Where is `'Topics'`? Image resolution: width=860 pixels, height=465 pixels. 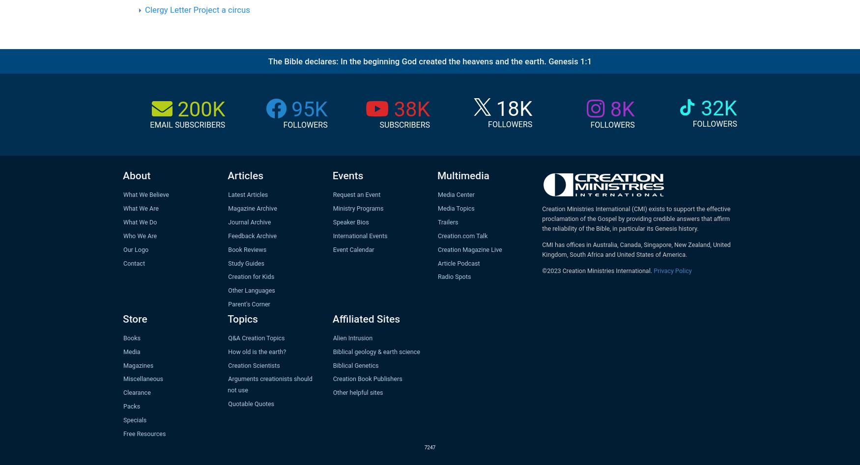
'Topics' is located at coordinates (242, 318).